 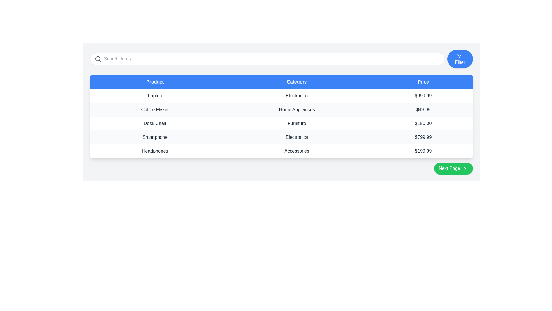 What do you see at coordinates (281, 137) in the screenshot?
I see `the fourth row of the product table, which displays details including name, category, and price` at bounding box center [281, 137].